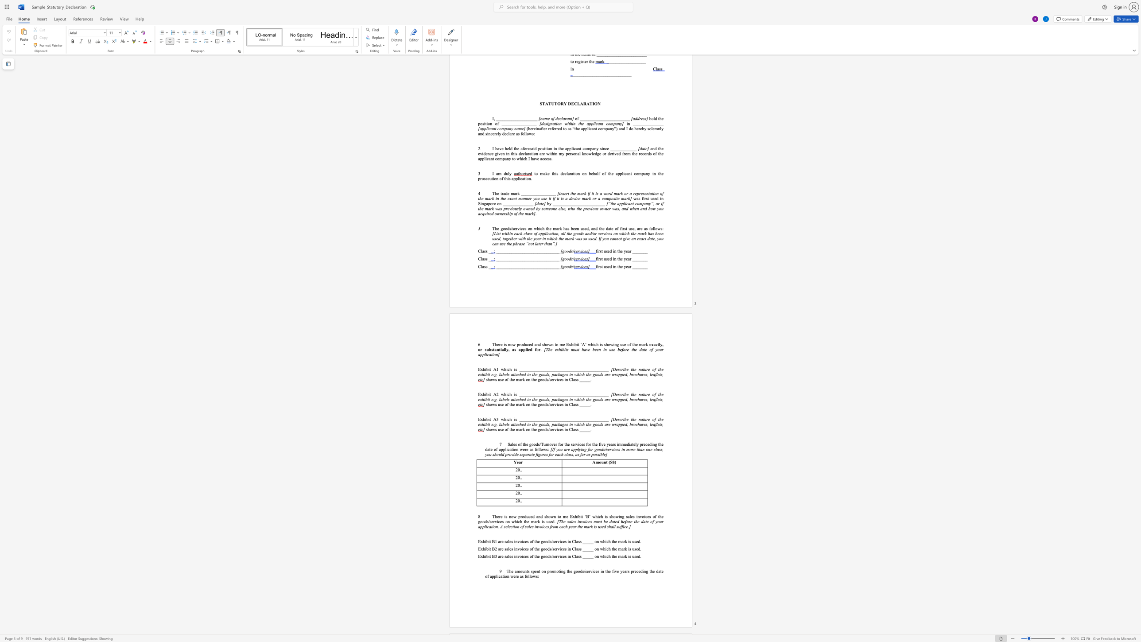 The width and height of the screenshot is (1141, 642). What do you see at coordinates (571, 419) in the screenshot?
I see `the subset text "_______" within the text "Exhibit A3 which is _________________________________________"` at bounding box center [571, 419].